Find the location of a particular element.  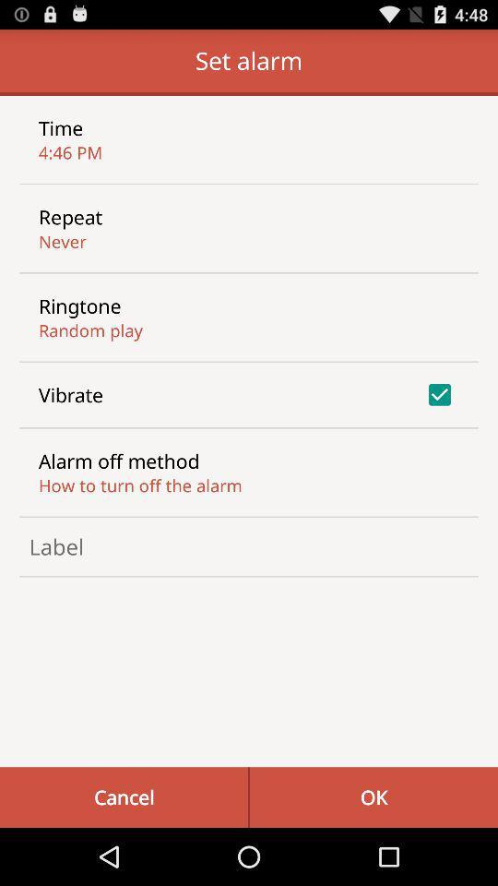

choose label is located at coordinates (249, 546).